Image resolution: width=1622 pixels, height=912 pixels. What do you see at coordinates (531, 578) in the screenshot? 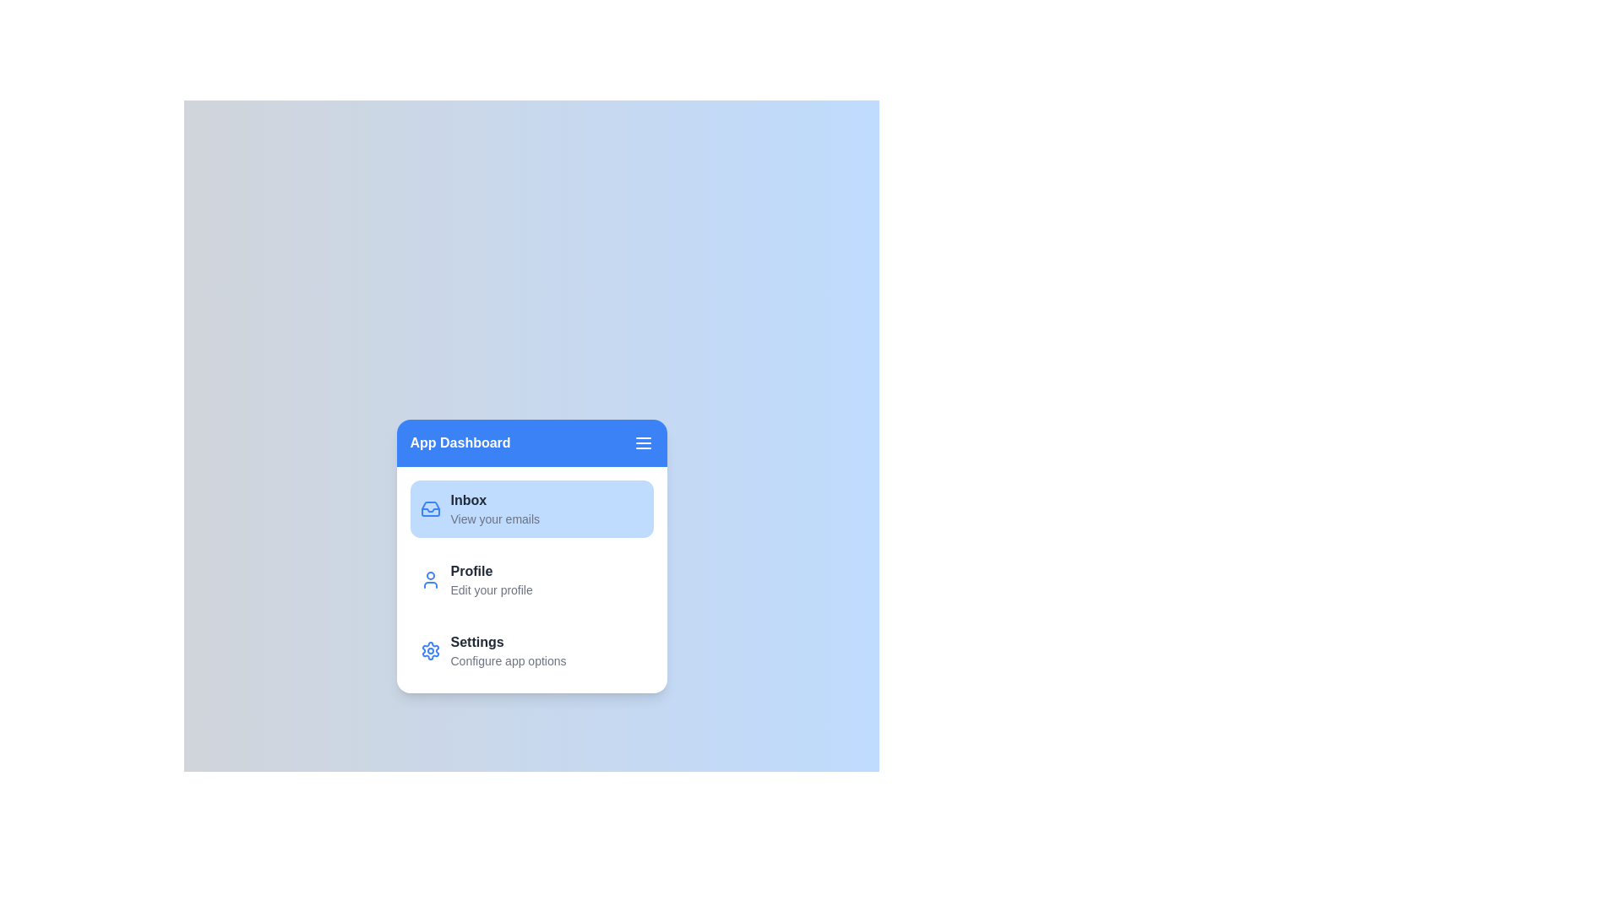
I see `the section Profile from the sidebar menu` at bounding box center [531, 578].